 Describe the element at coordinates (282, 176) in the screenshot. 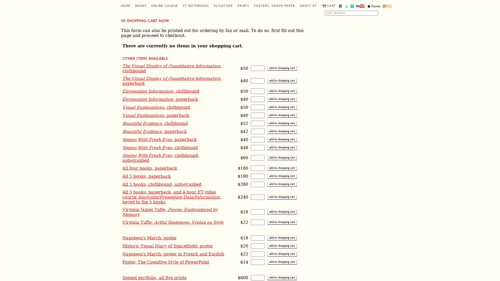

I see `add to shopping cart` at that location.